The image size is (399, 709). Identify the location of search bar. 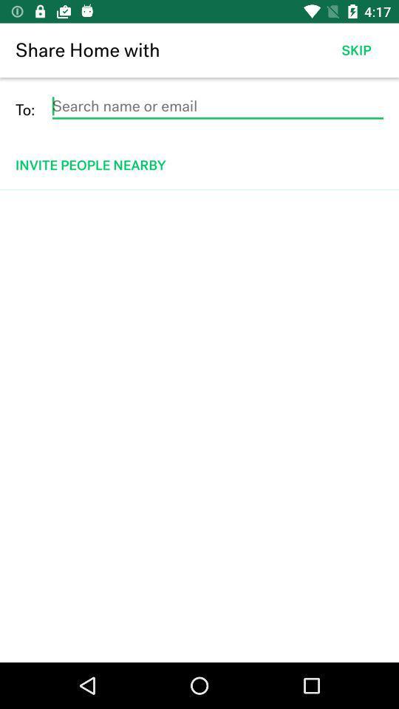
(216, 106).